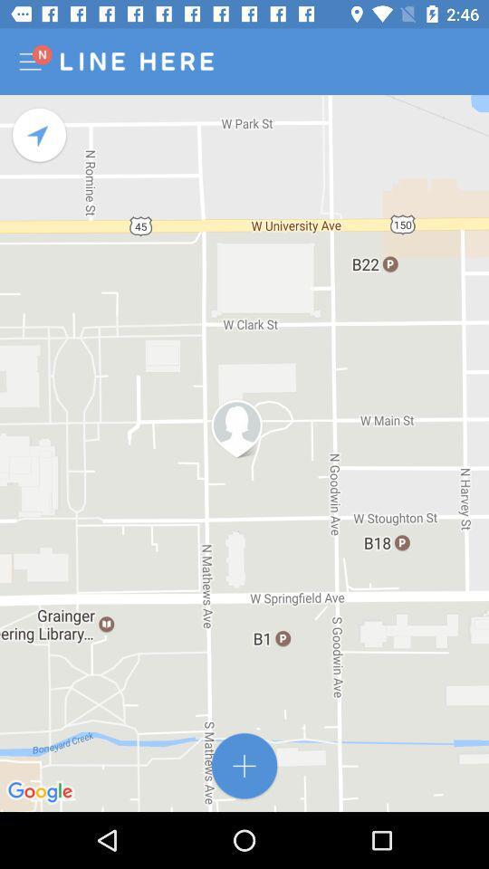 This screenshot has width=489, height=869. Describe the element at coordinates (40, 134) in the screenshot. I see `gps locator` at that location.